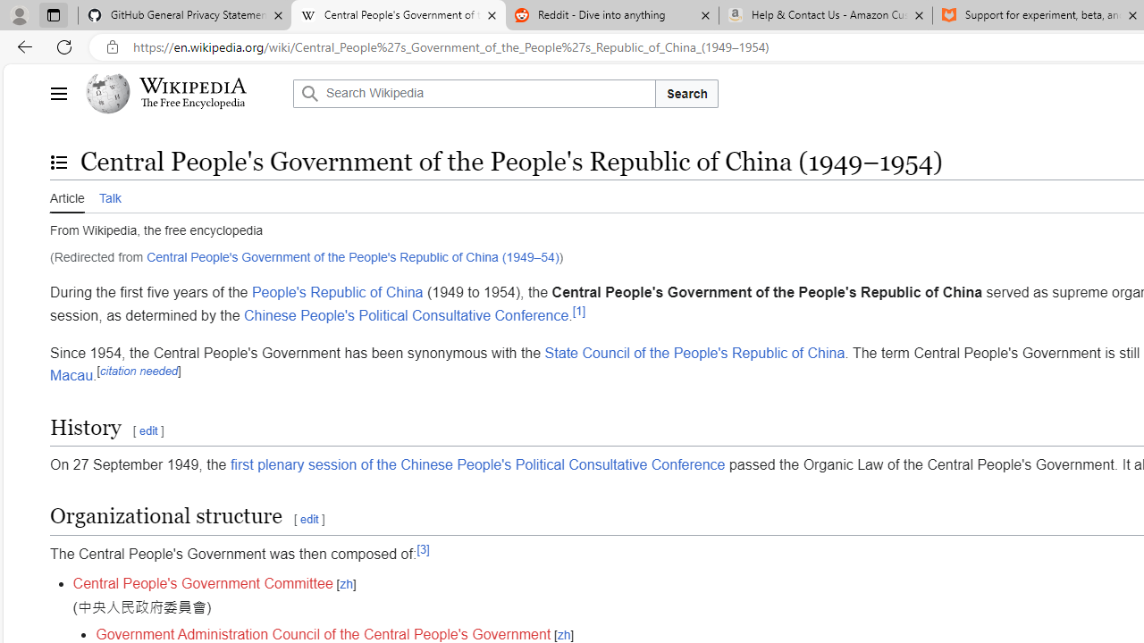  I want to click on '[3]', so click(422, 547).